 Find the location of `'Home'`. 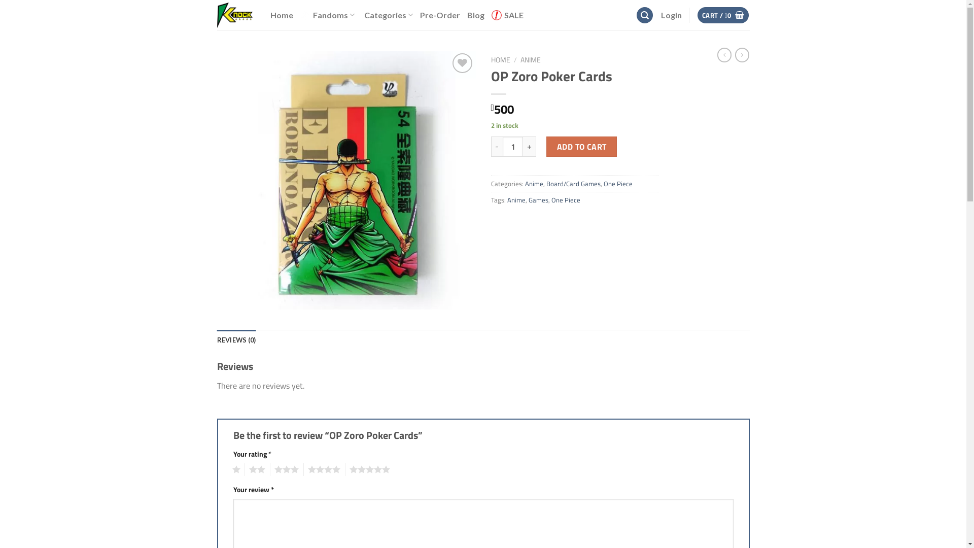

'Home' is located at coordinates (281, 15).